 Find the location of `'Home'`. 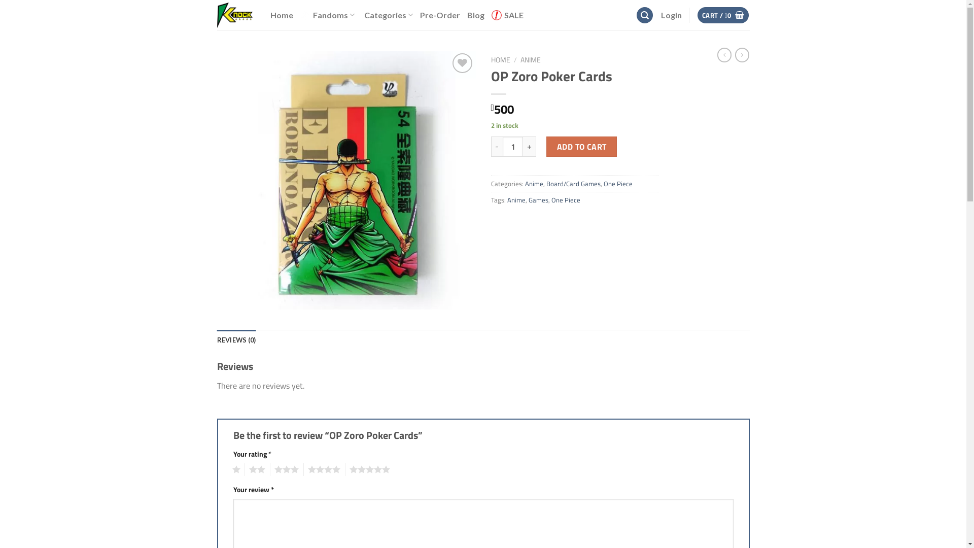

'Home' is located at coordinates (281, 15).